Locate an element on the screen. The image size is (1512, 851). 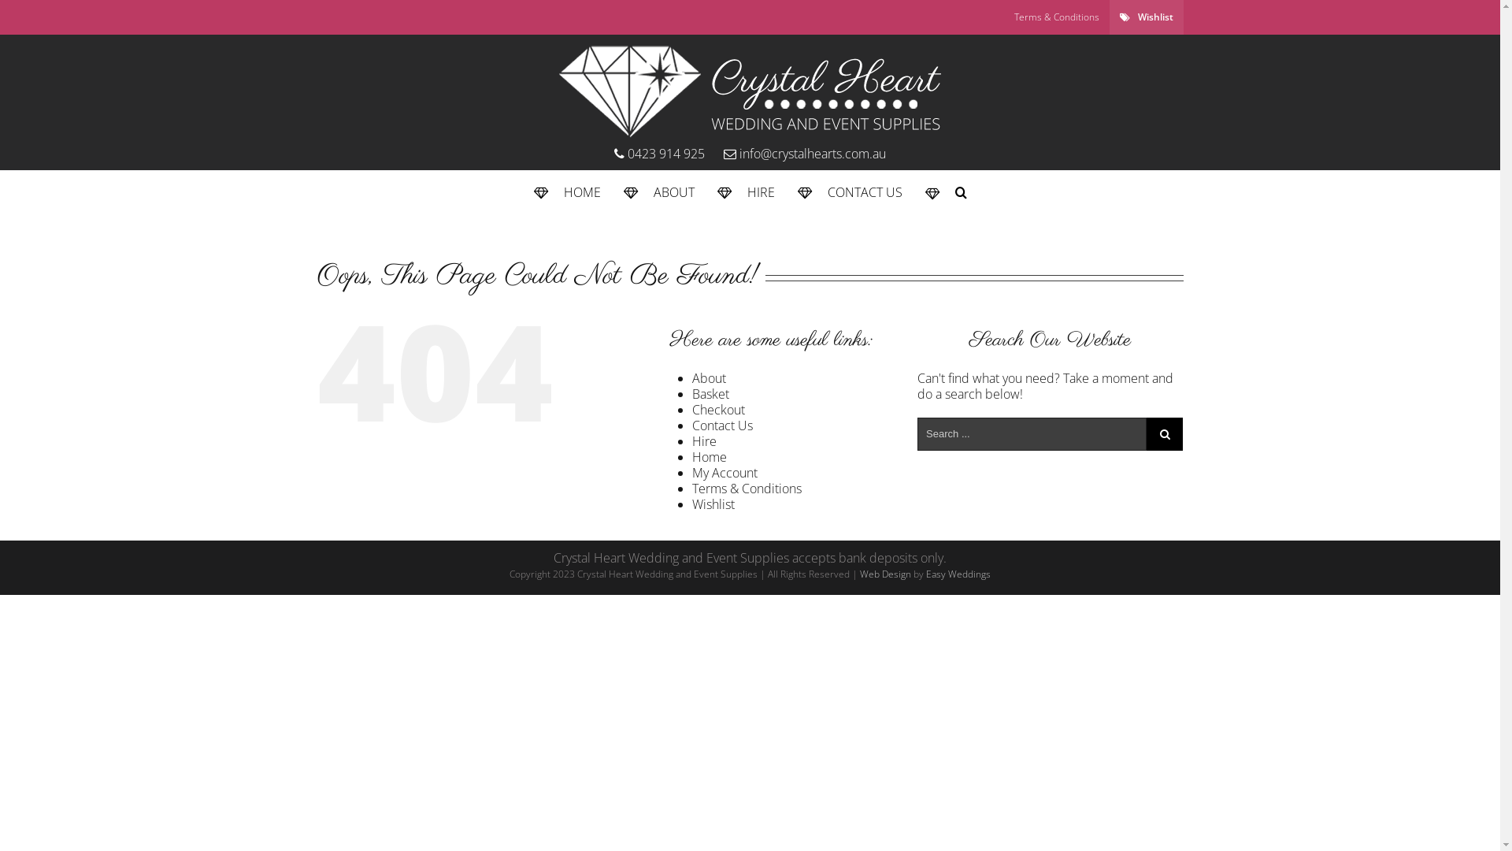
'HOME' is located at coordinates (533, 191).